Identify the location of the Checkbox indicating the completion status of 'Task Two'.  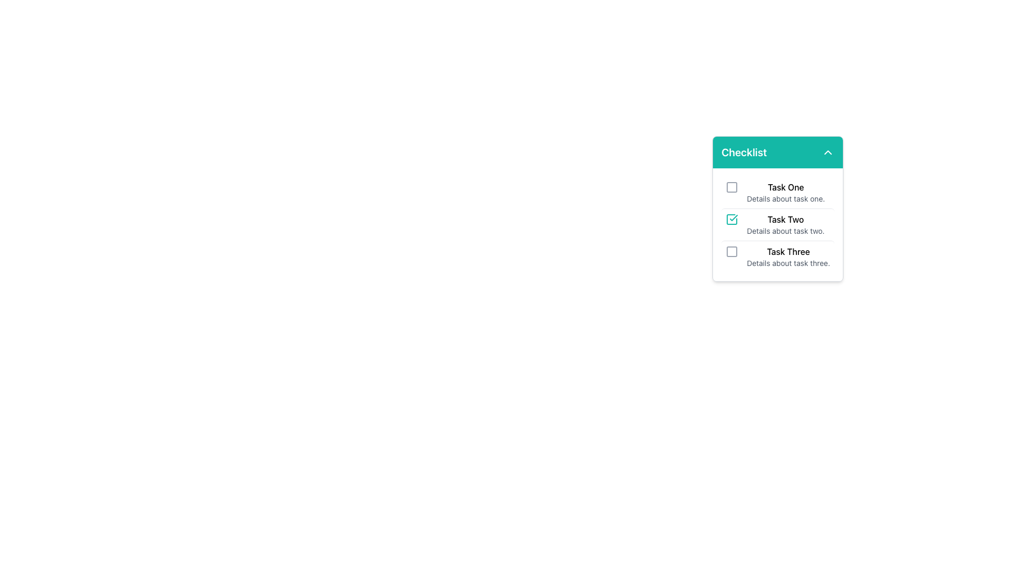
(731, 219).